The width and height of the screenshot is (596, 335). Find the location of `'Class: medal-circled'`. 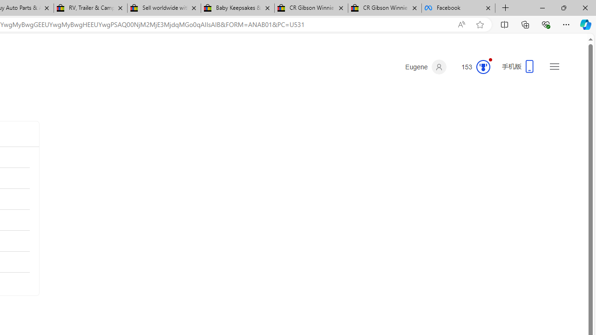

'Class: medal-circled' is located at coordinates (483, 67).